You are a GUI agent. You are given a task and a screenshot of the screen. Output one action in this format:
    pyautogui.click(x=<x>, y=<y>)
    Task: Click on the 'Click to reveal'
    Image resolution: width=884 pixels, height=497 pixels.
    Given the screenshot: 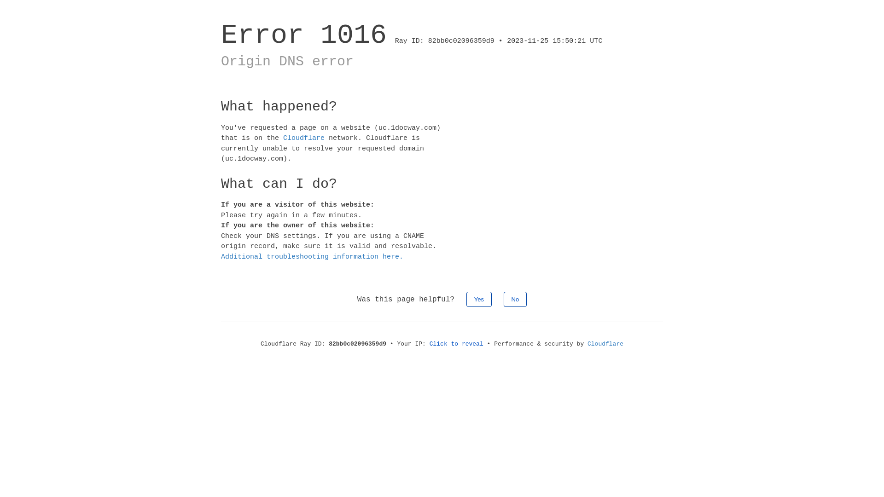 What is the action you would take?
    pyautogui.click(x=456, y=344)
    